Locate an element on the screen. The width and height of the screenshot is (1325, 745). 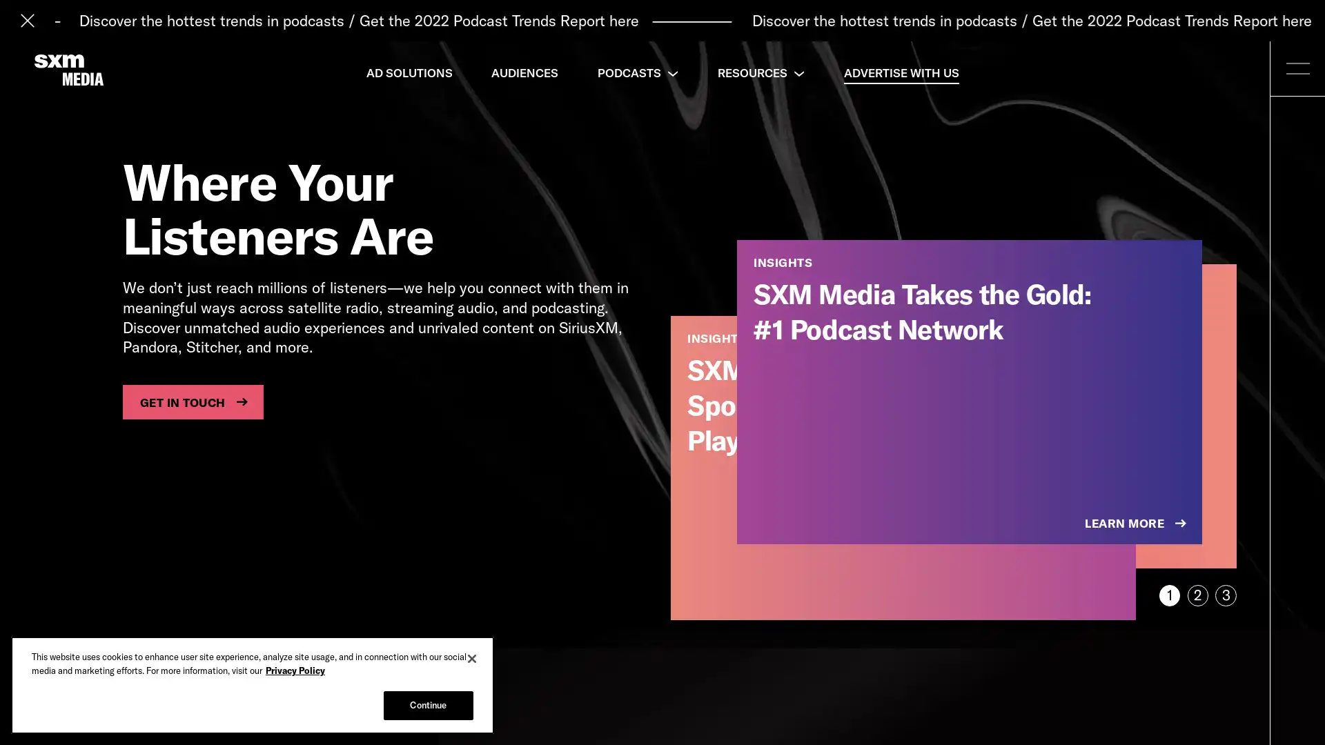
GET IN TOUCH is located at coordinates (192, 401).